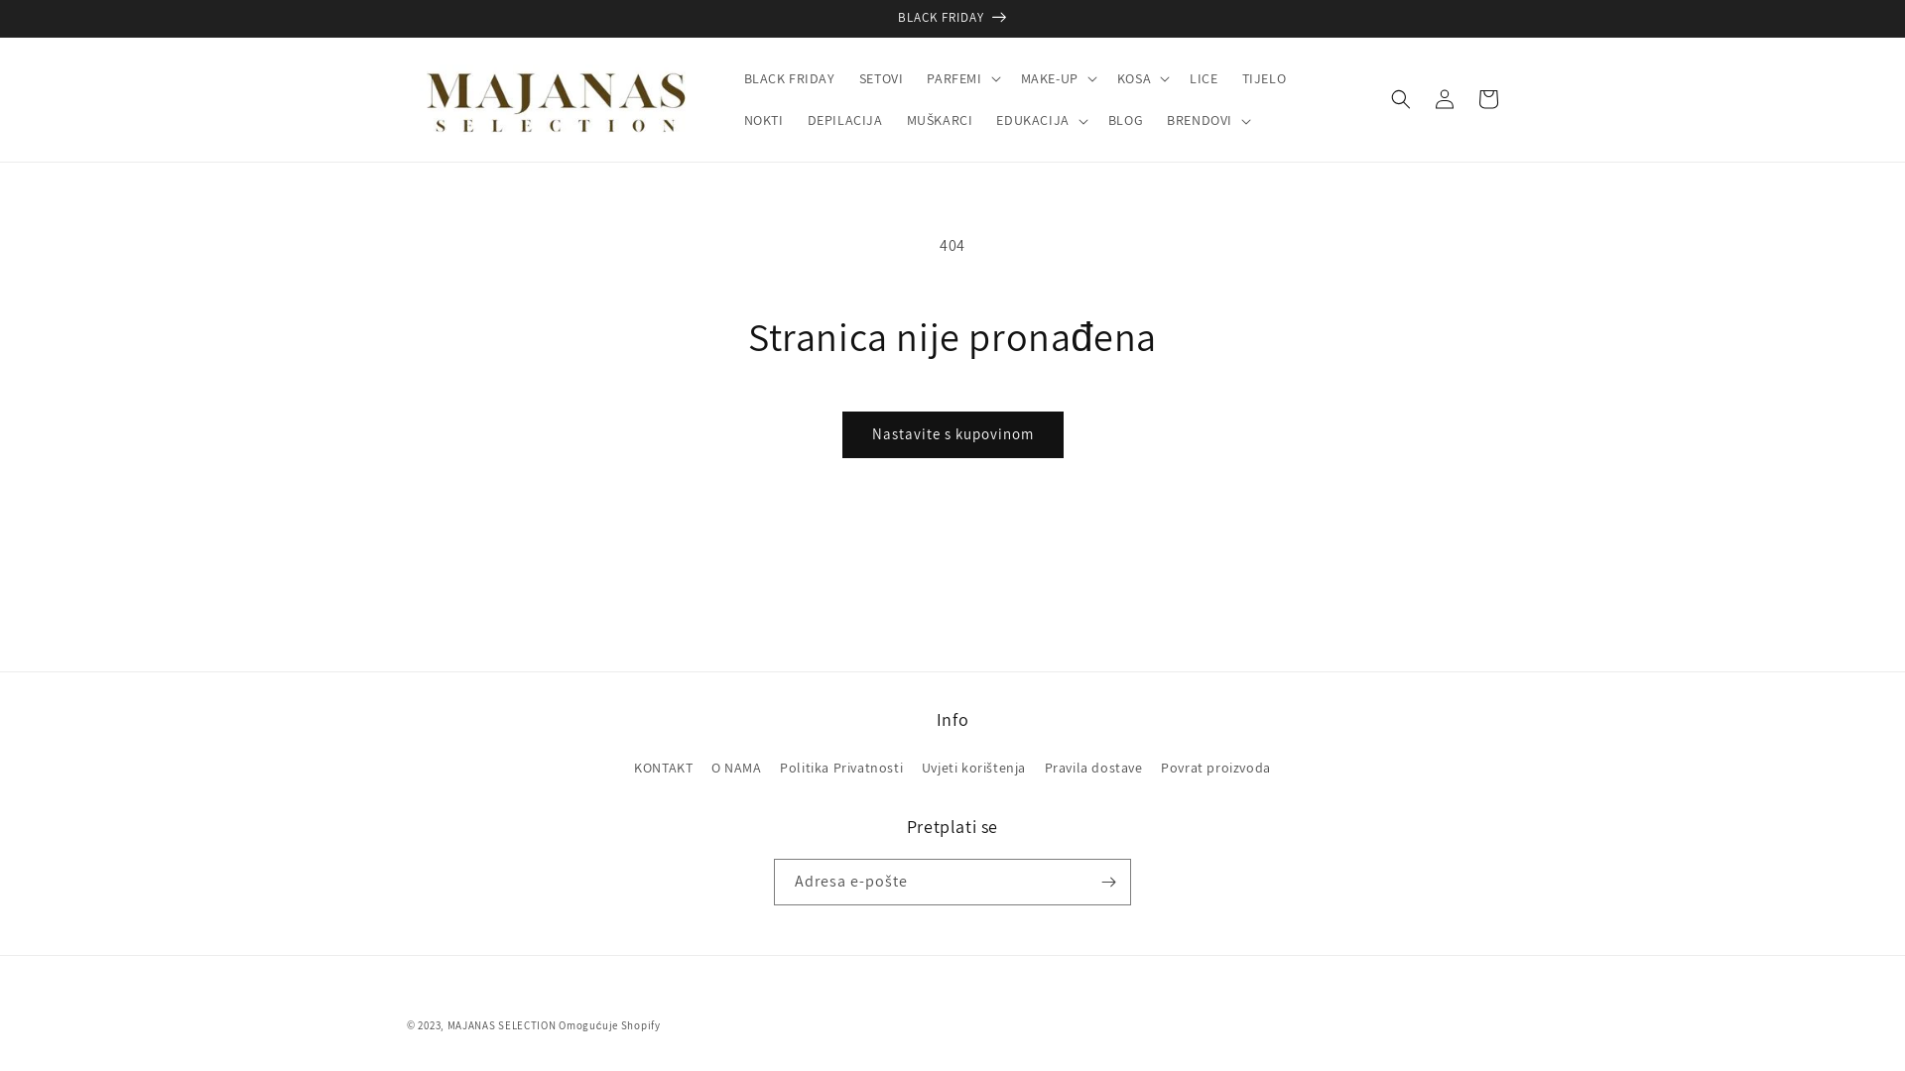  I want to click on 'O NAMA', so click(710, 767).